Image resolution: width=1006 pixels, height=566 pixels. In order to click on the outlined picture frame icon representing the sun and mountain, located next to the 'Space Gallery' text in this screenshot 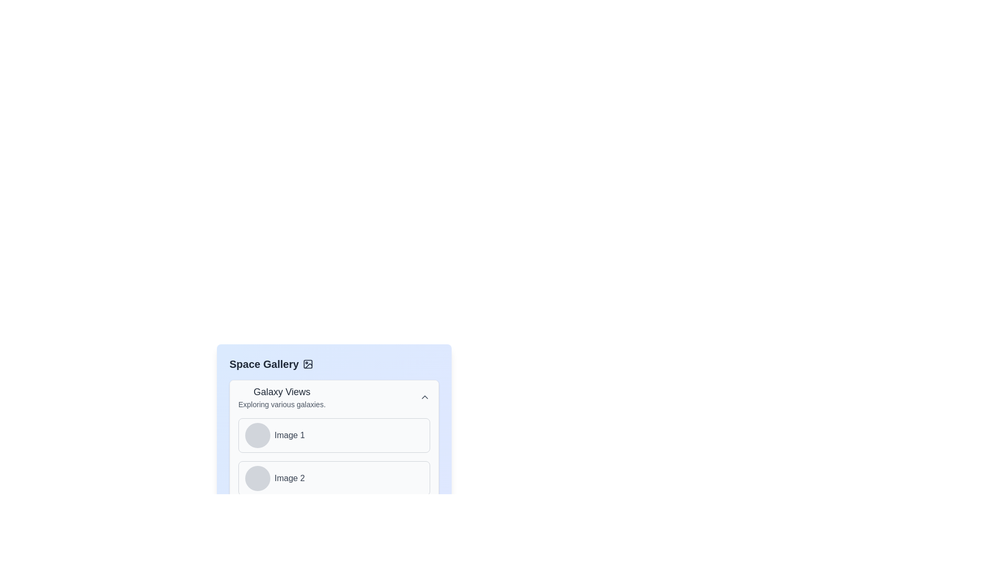, I will do `click(308, 363)`.